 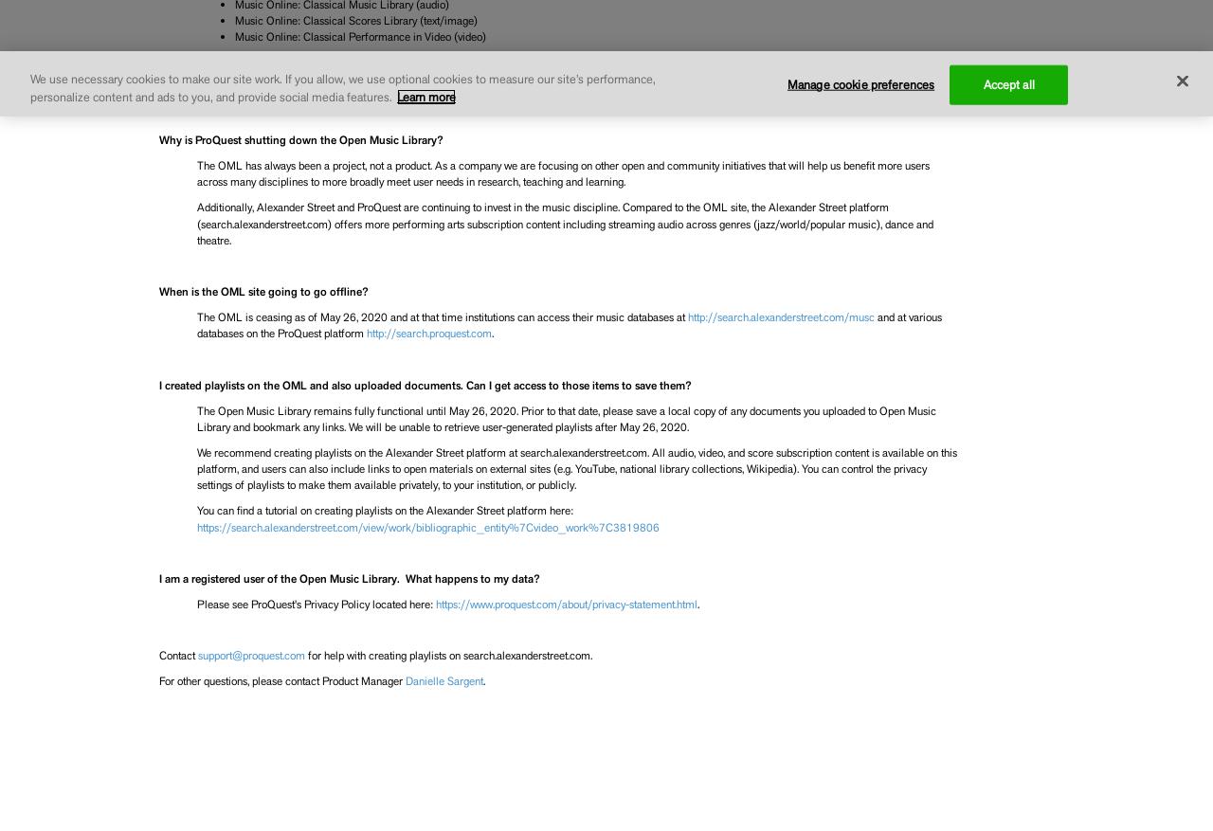 What do you see at coordinates (249, 655) in the screenshot?
I see `'support@proquest.com'` at bounding box center [249, 655].